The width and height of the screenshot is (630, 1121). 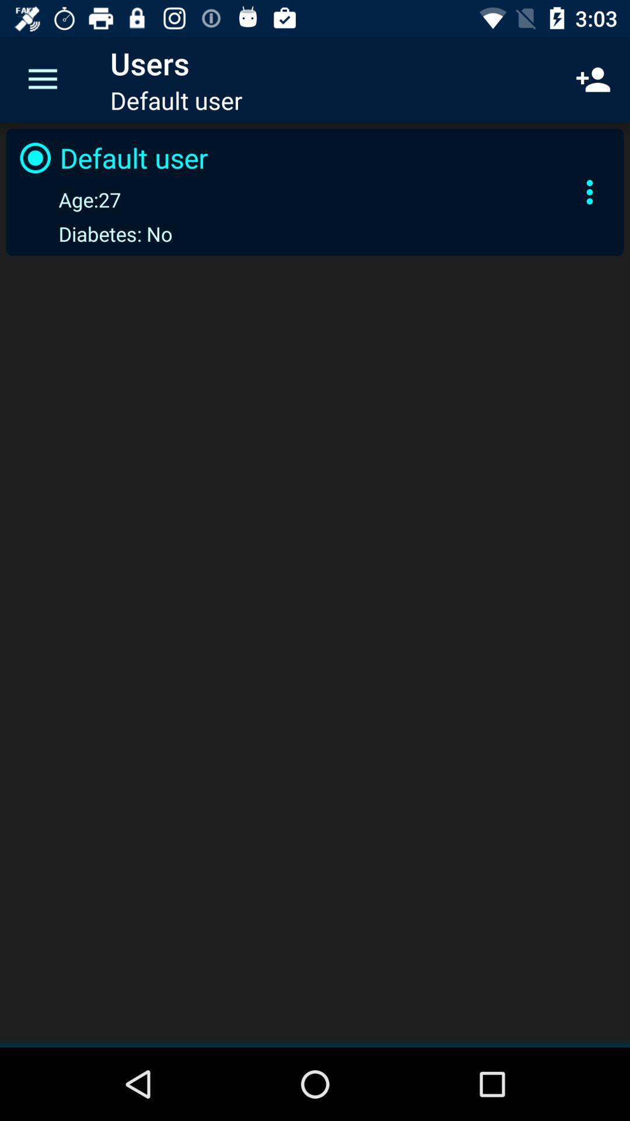 I want to click on the item above default user, so click(x=593, y=79).